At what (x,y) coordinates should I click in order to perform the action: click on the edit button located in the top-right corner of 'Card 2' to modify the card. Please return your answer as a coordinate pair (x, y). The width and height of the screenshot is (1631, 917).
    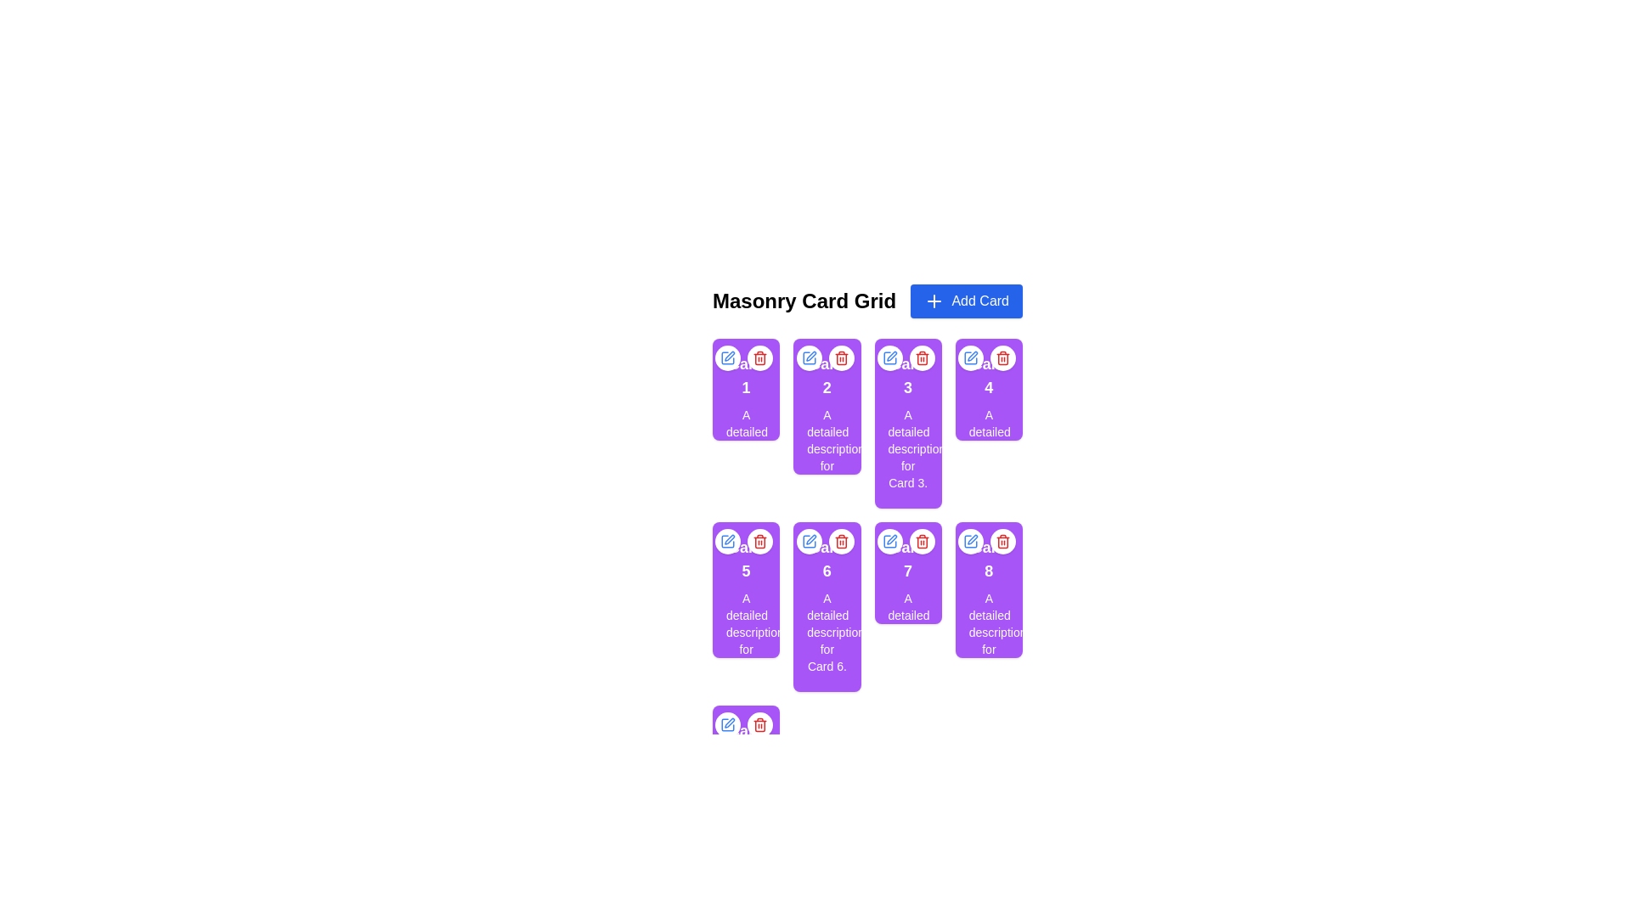
    Looking at the image, I should click on (825, 357).